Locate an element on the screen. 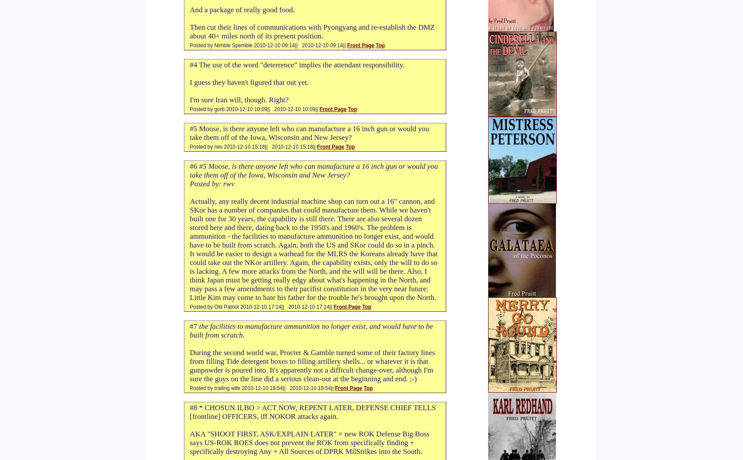  'Posted by: rwv' is located at coordinates (190, 183).